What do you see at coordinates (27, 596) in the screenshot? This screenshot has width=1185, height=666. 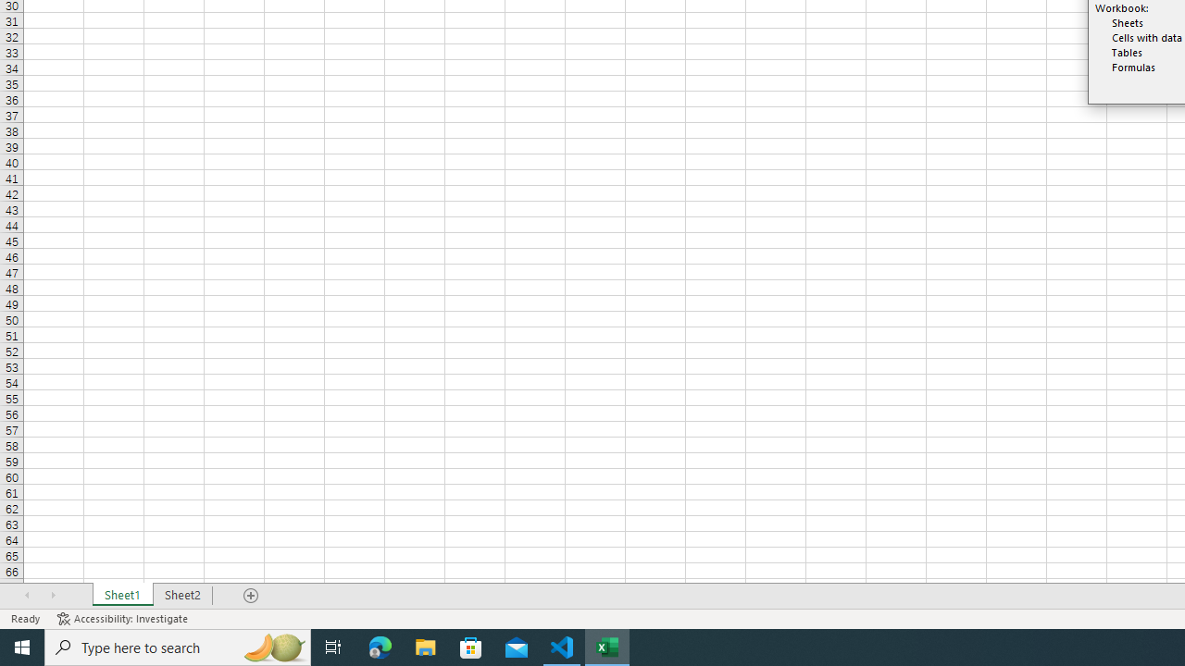 I see `'Scroll Left'` at bounding box center [27, 596].